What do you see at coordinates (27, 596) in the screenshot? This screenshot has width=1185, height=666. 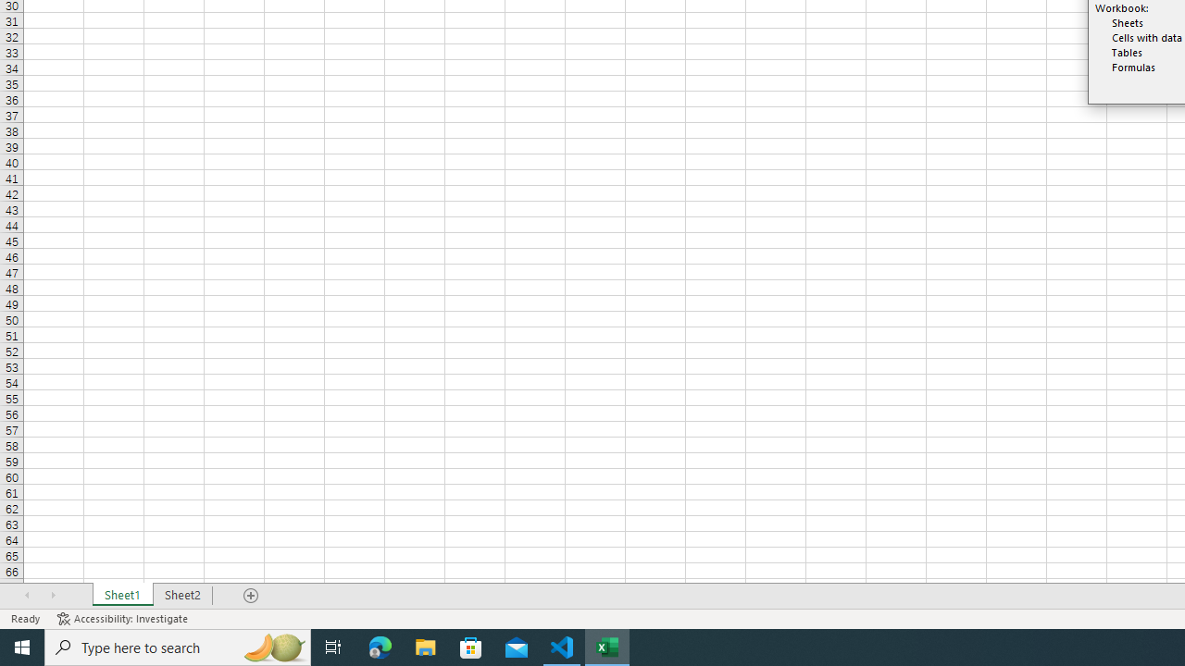 I see `'Scroll Left'` at bounding box center [27, 596].